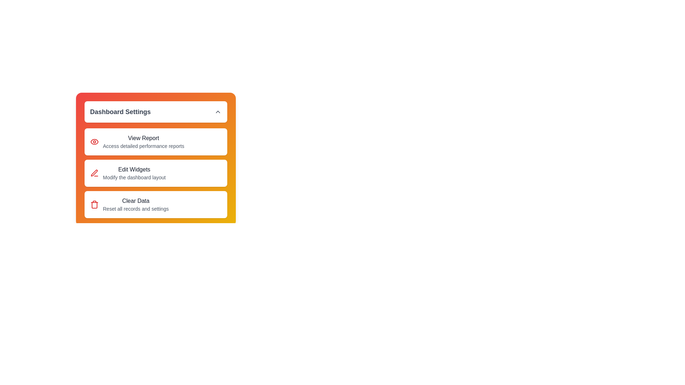 Image resolution: width=685 pixels, height=385 pixels. Describe the element at coordinates (94, 173) in the screenshot. I see `the icon associated with Edit Widgets` at that location.